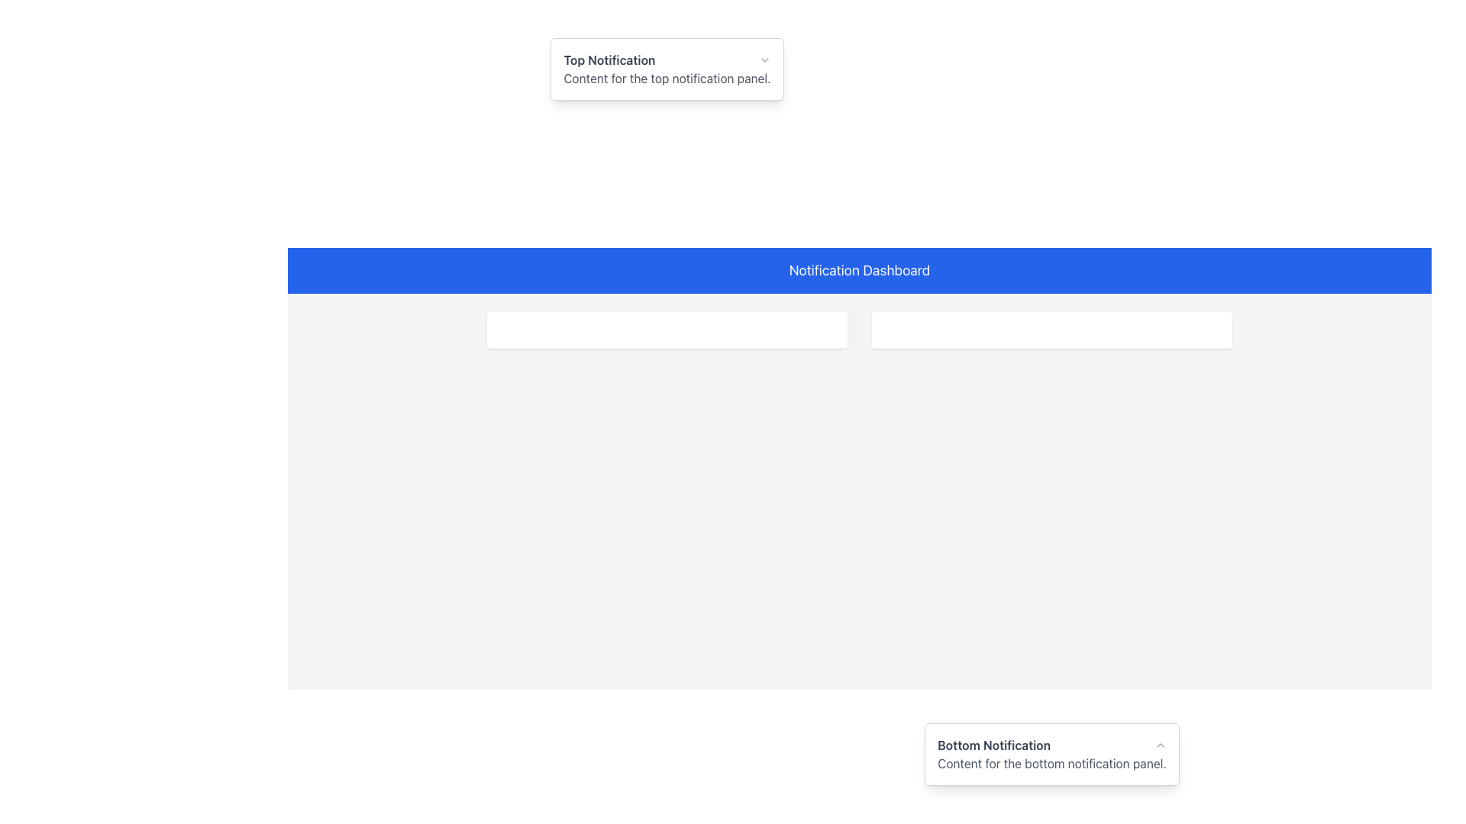 The height and width of the screenshot is (824, 1466). I want to click on the text label displaying 'Bottom Notification' in a bold, gray font, so click(994, 744).